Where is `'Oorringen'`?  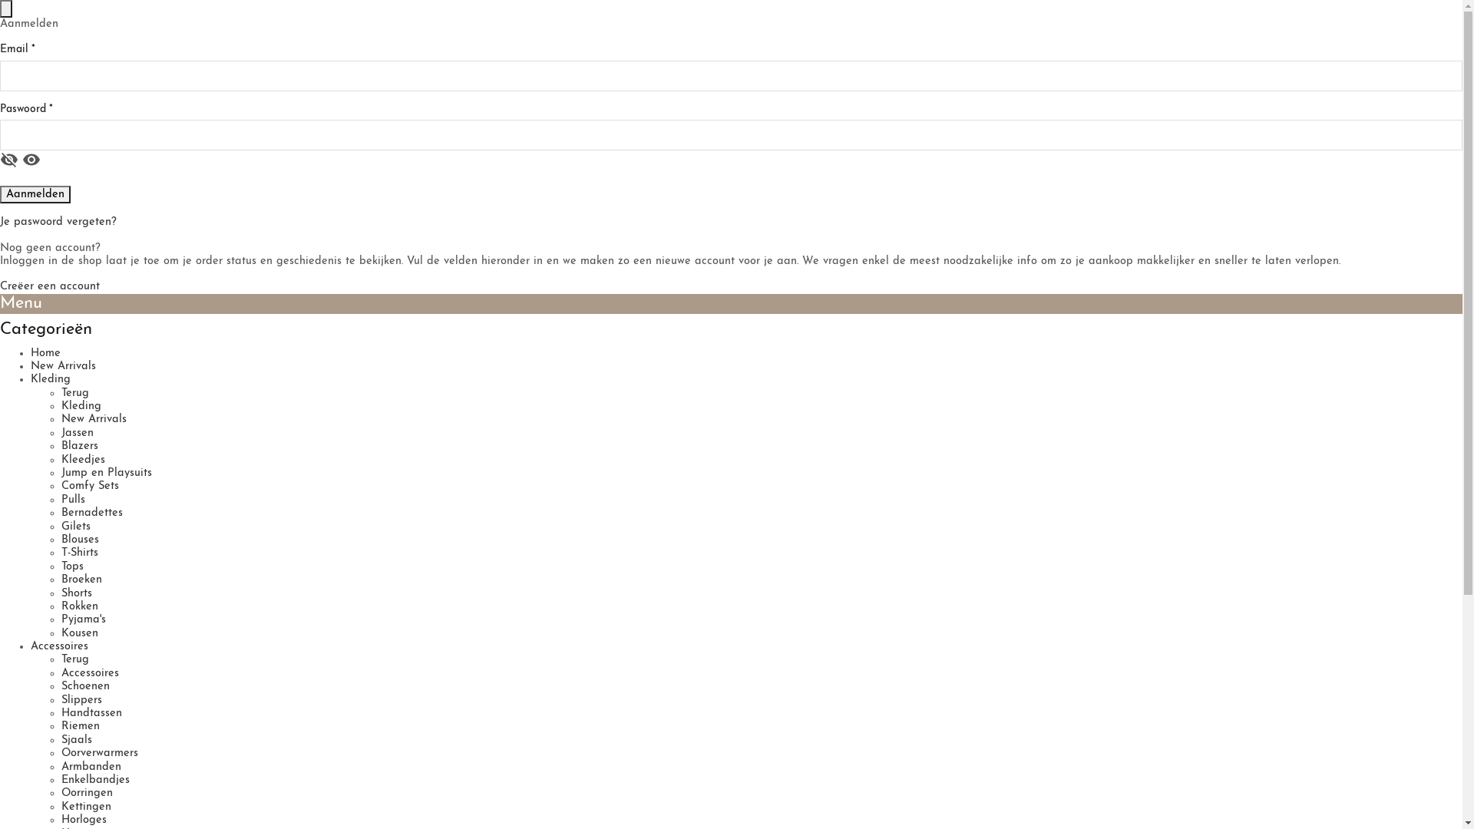
'Oorringen' is located at coordinates (86, 793).